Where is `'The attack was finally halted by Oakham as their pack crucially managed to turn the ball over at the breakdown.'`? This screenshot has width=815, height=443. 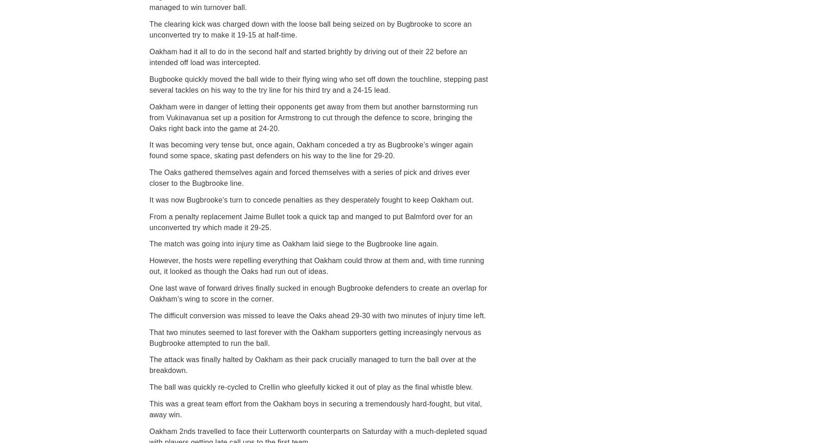
'The attack was finally halted by Oakham as their pack crucially managed to turn the ball over at the breakdown.' is located at coordinates (312, 365).